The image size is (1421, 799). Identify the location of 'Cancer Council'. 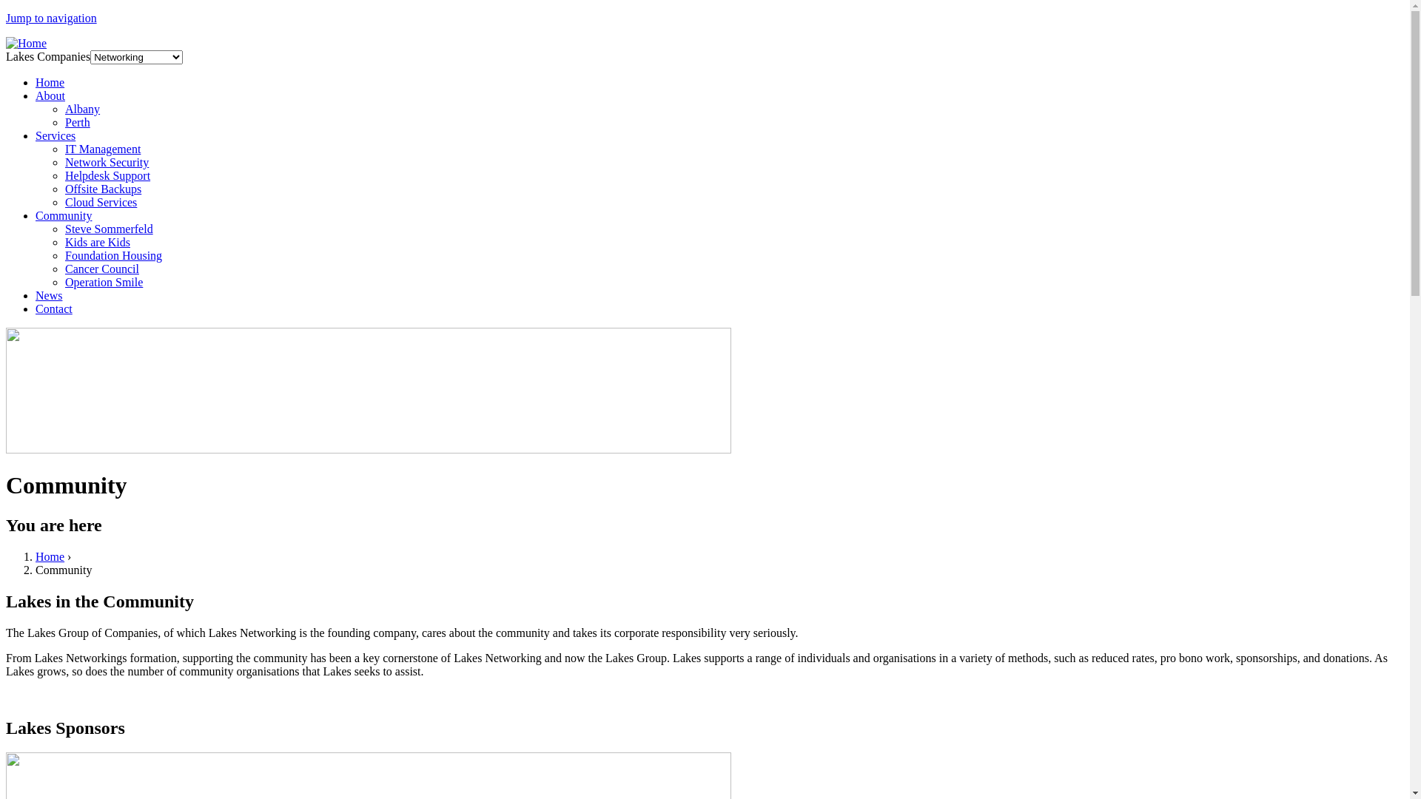
(101, 269).